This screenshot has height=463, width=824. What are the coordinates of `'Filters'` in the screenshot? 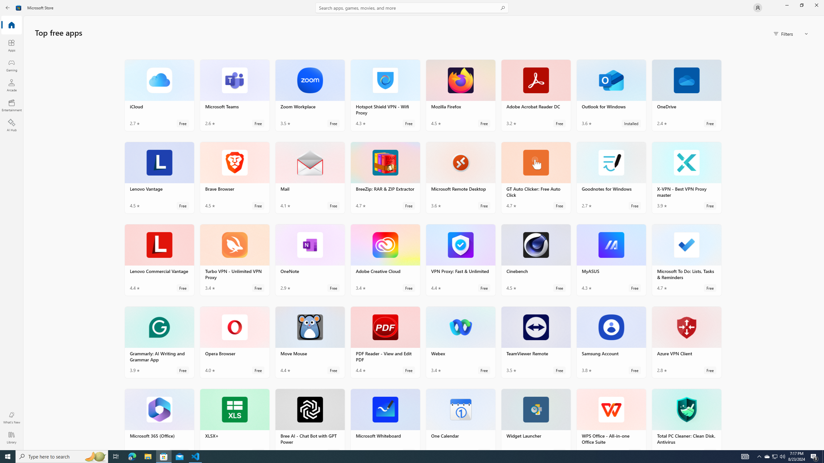 It's located at (791, 33).